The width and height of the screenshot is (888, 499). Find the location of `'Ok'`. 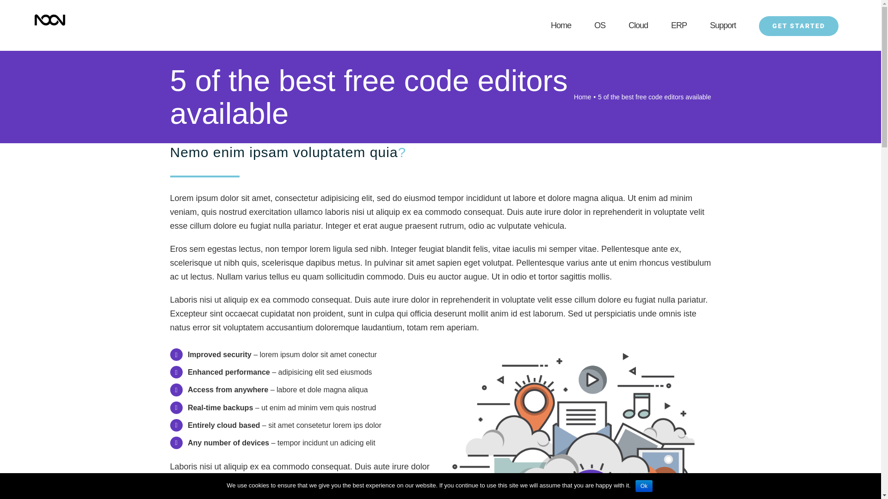

'Ok' is located at coordinates (643, 486).